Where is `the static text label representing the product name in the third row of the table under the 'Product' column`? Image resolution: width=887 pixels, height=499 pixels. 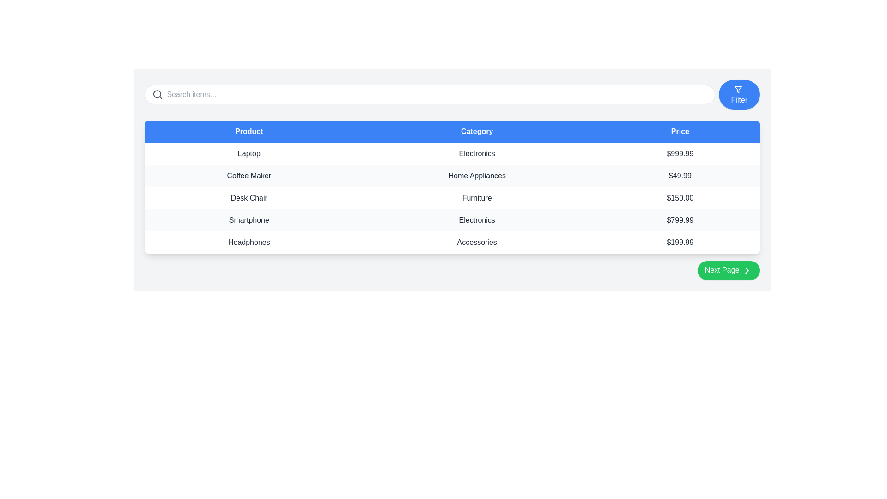
the static text label representing the product name in the third row of the table under the 'Product' column is located at coordinates (249, 220).